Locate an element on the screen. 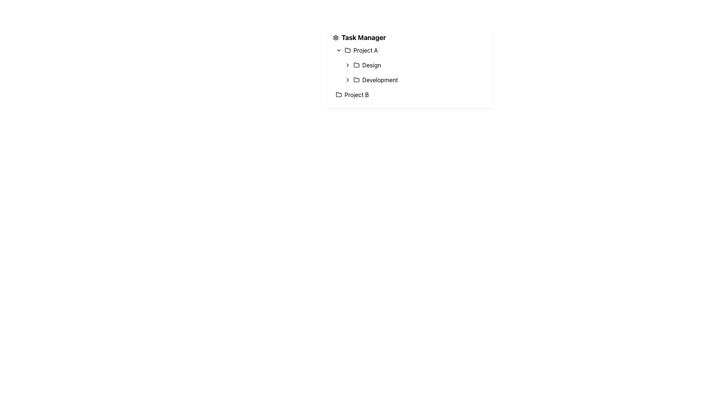  the folder icon representing 'Project A' to trigger a tooltip is located at coordinates (347, 50).